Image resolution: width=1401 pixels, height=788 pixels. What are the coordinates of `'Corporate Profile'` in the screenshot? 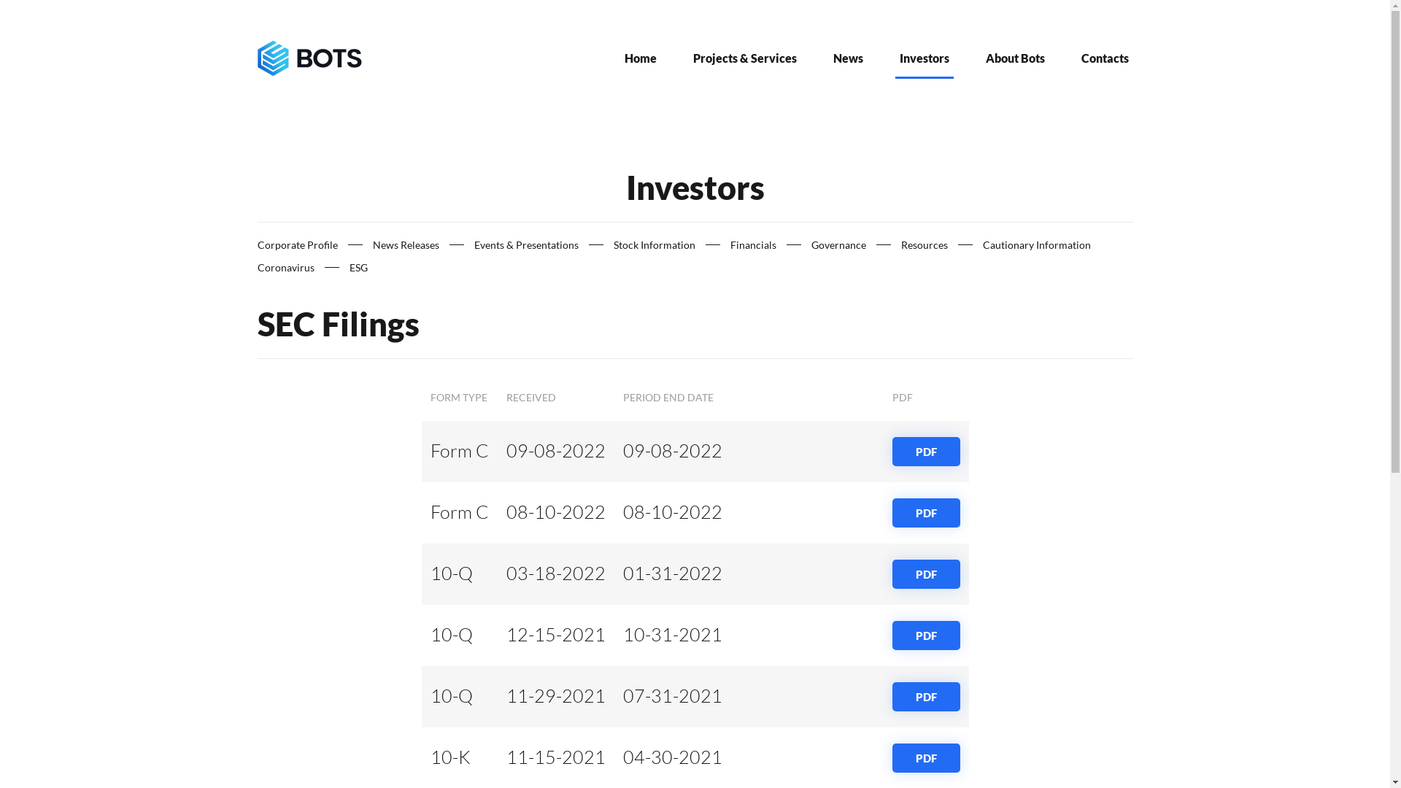 It's located at (296, 244).